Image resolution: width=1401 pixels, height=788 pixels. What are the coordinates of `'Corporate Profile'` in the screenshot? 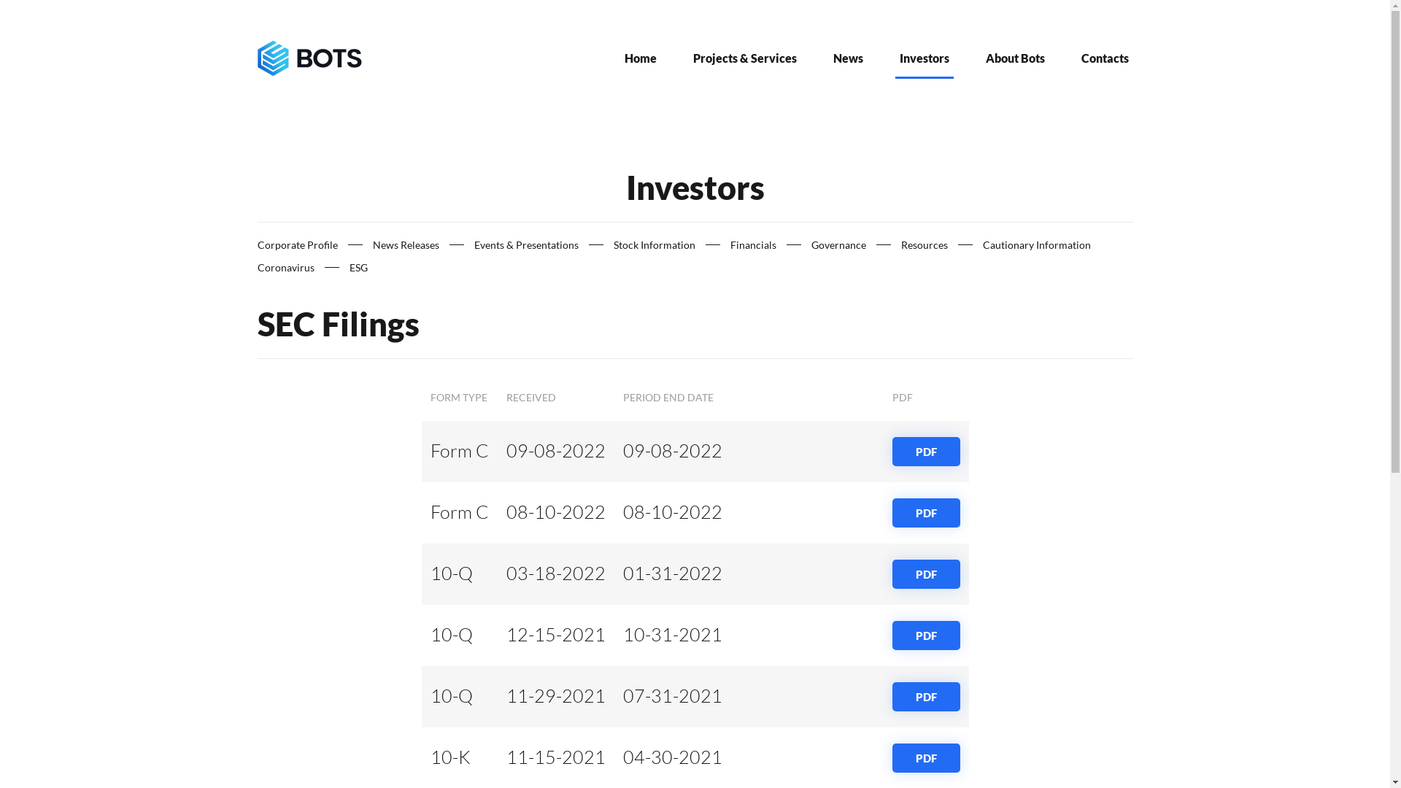 It's located at (296, 244).